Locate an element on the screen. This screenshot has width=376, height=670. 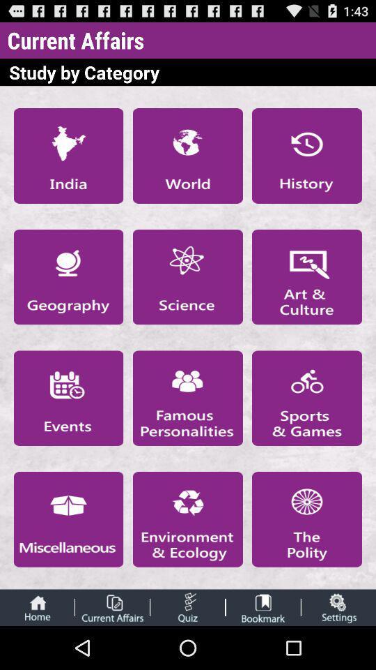
study category is located at coordinates (187, 398).